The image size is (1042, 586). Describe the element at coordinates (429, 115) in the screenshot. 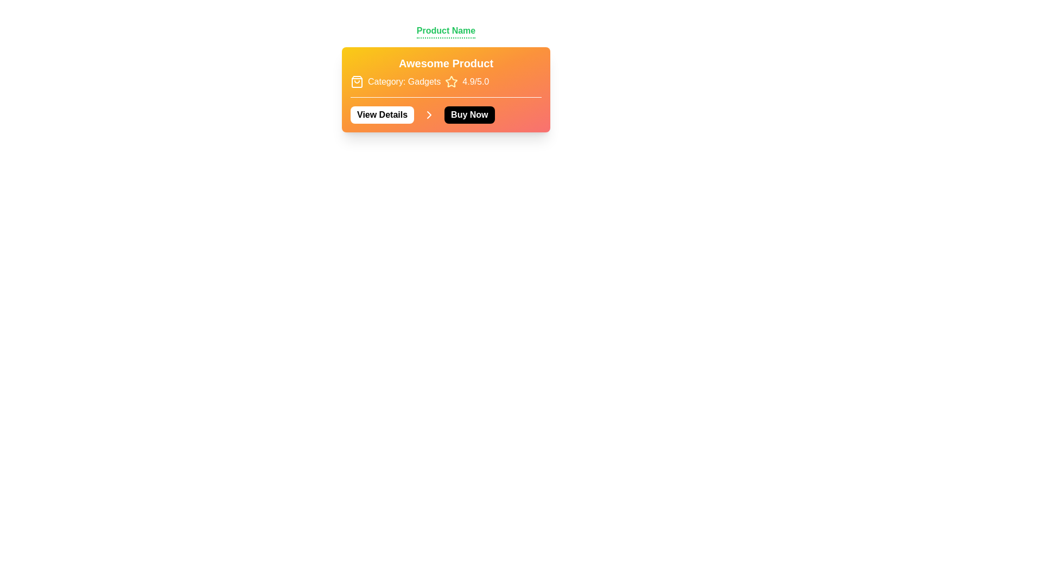

I see `the icon button located between the 'View Details' and 'Buy Now' buttons in the orange-shaded product description box` at that location.